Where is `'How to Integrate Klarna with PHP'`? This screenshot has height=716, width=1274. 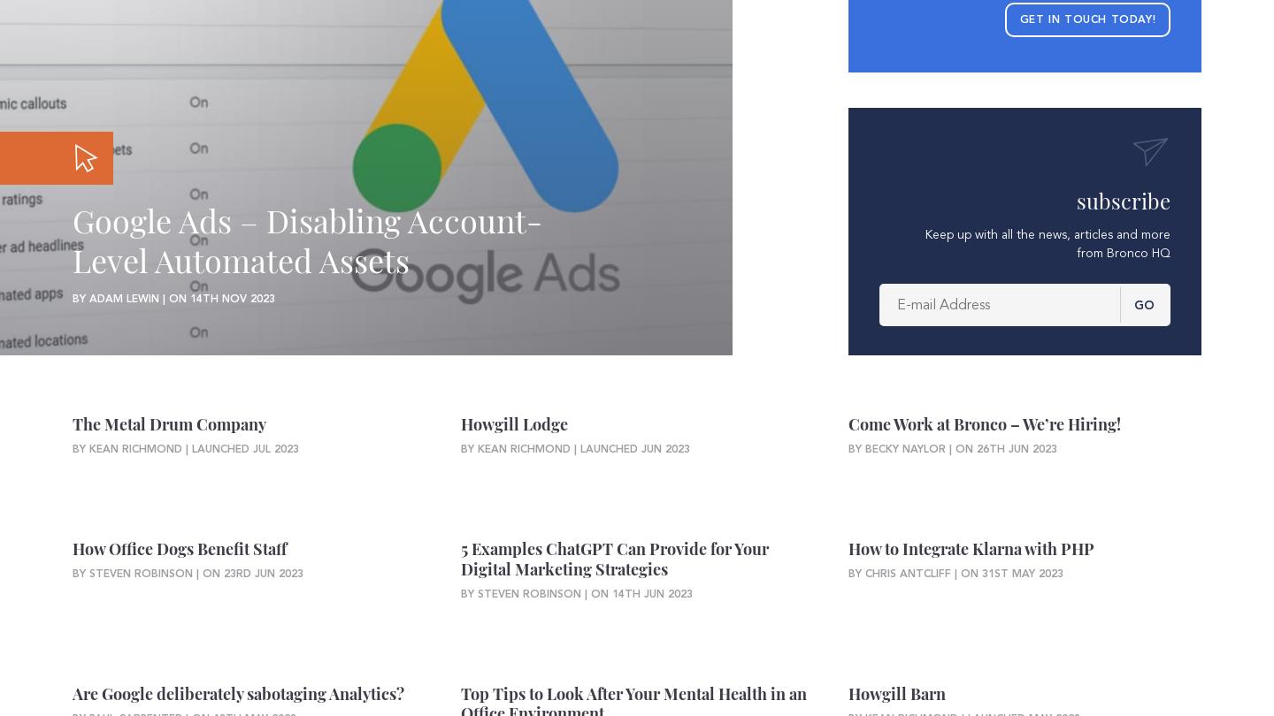 'How to Integrate Klarna with PHP' is located at coordinates (971, 548).